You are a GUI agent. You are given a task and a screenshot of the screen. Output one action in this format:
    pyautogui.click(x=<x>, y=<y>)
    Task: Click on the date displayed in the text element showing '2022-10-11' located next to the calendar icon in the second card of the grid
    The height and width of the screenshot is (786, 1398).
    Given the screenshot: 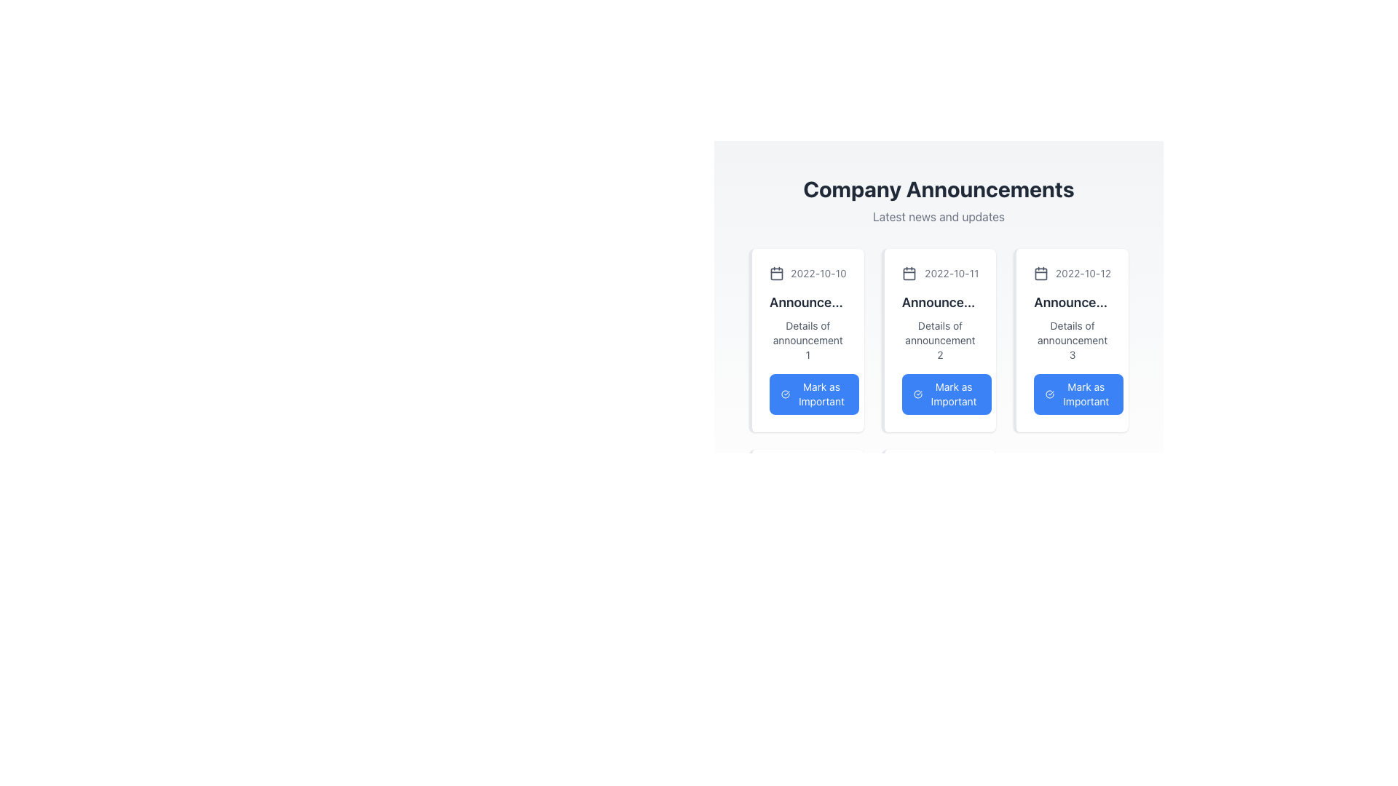 What is the action you would take?
    pyautogui.click(x=952, y=273)
    